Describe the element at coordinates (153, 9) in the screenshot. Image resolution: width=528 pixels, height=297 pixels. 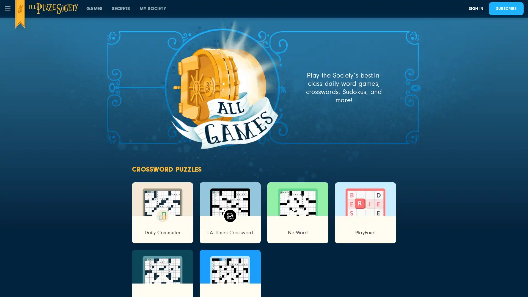
I see `MY SOCIETY` at that location.